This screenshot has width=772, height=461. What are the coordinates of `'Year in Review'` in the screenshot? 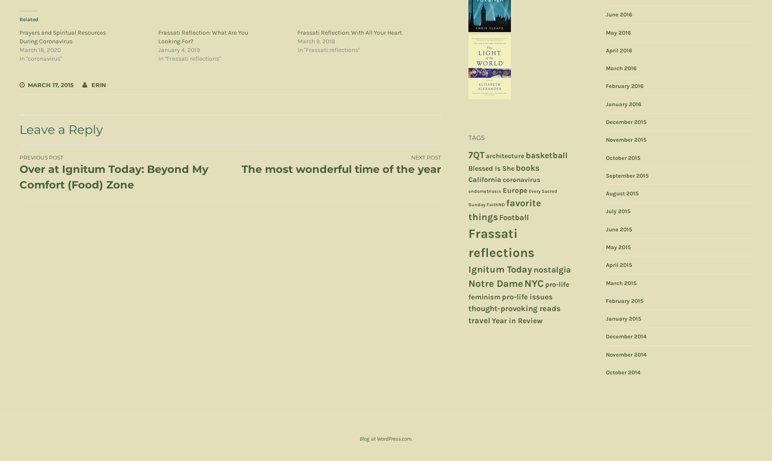 It's located at (491, 321).